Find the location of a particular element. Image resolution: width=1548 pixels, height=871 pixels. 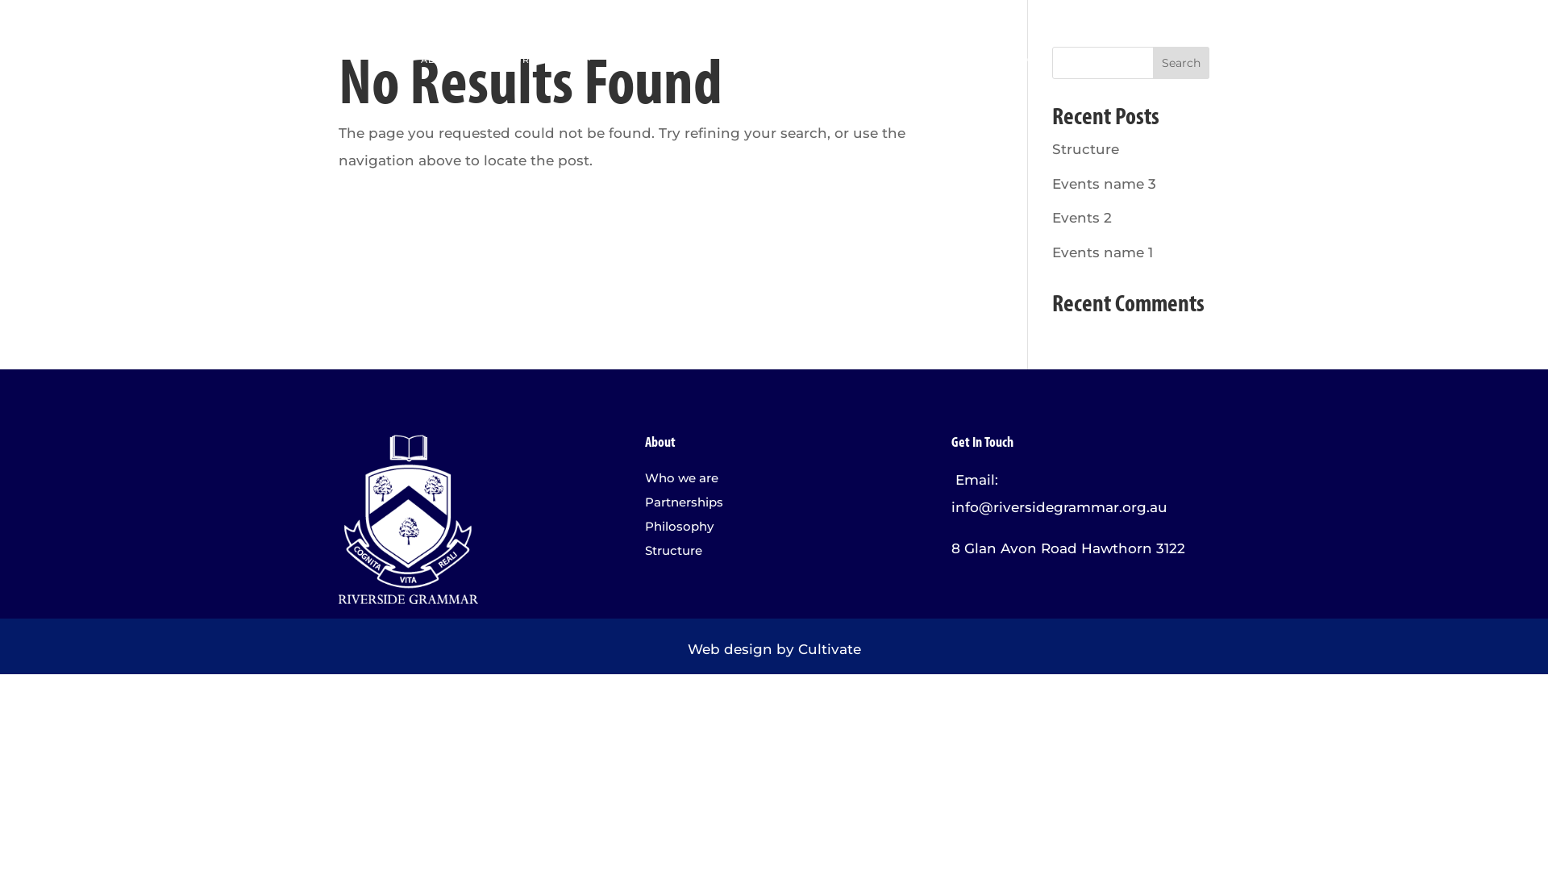

'Search' is located at coordinates (1180, 61).